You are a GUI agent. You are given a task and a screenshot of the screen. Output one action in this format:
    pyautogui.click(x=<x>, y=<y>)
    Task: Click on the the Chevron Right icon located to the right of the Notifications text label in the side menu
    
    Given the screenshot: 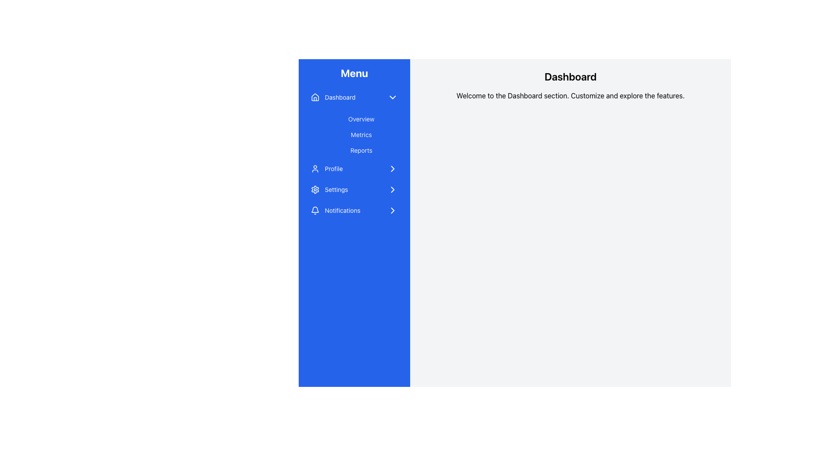 What is the action you would take?
    pyautogui.click(x=392, y=210)
    